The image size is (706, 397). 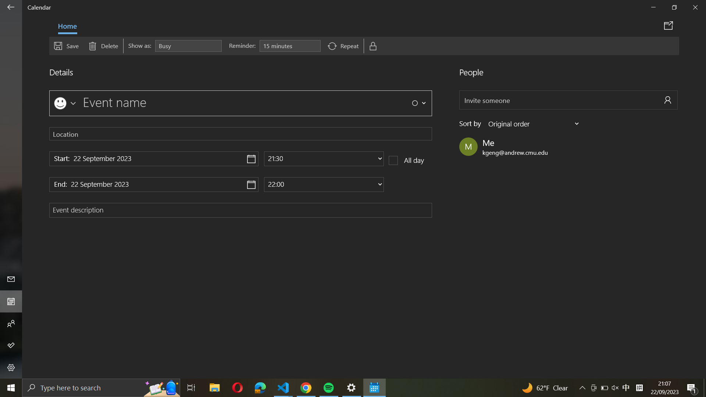 What do you see at coordinates (324, 184) in the screenshot?
I see `Configure the event"s finishing time to 7:00 PM` at bounding box center [324, 184].